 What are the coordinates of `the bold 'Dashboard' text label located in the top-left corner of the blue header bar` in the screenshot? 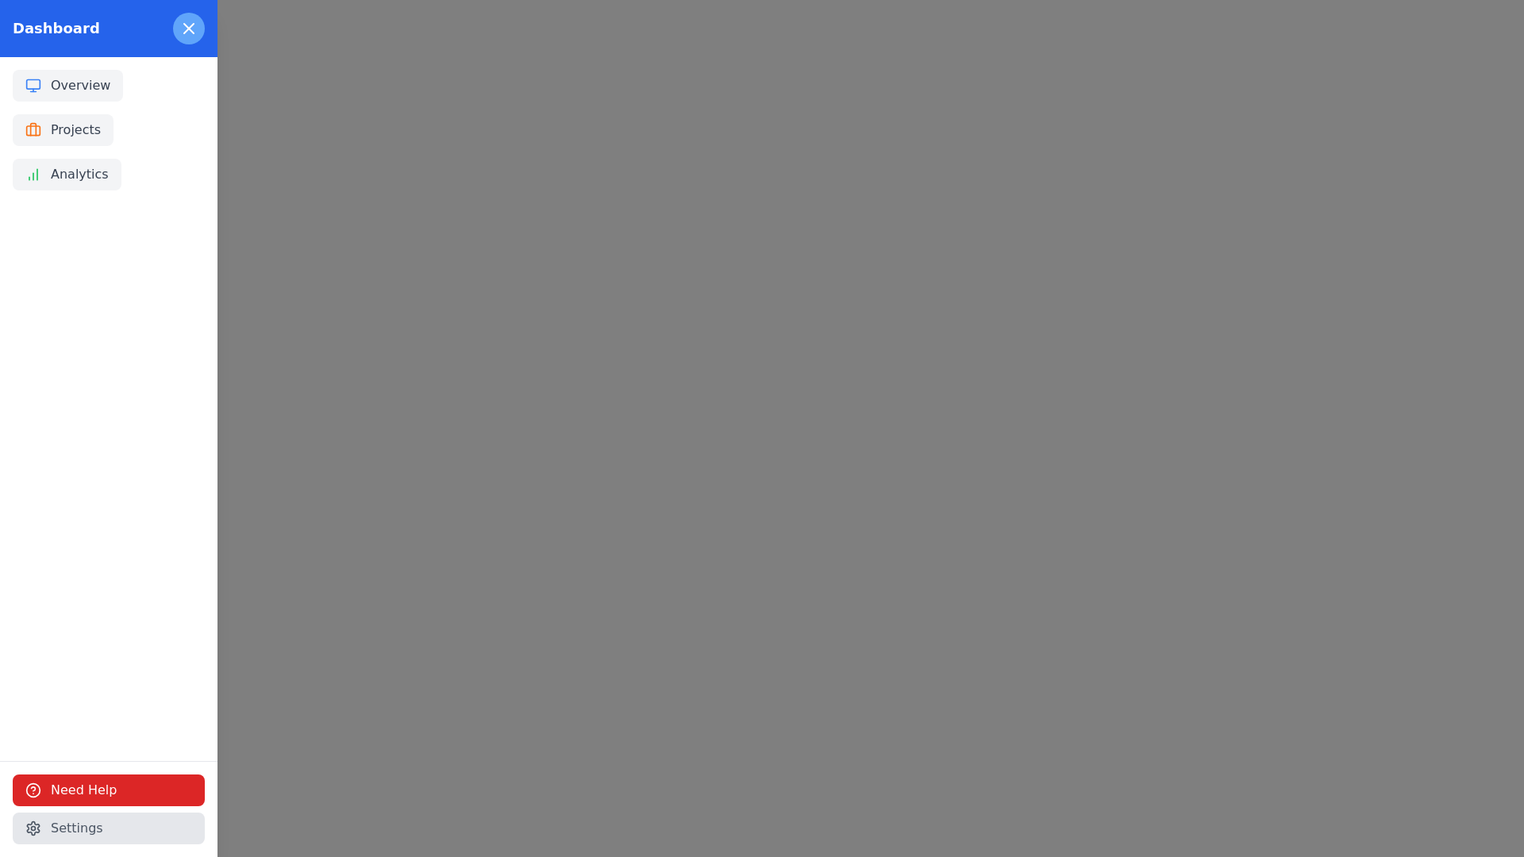 It's located at (56, 28).